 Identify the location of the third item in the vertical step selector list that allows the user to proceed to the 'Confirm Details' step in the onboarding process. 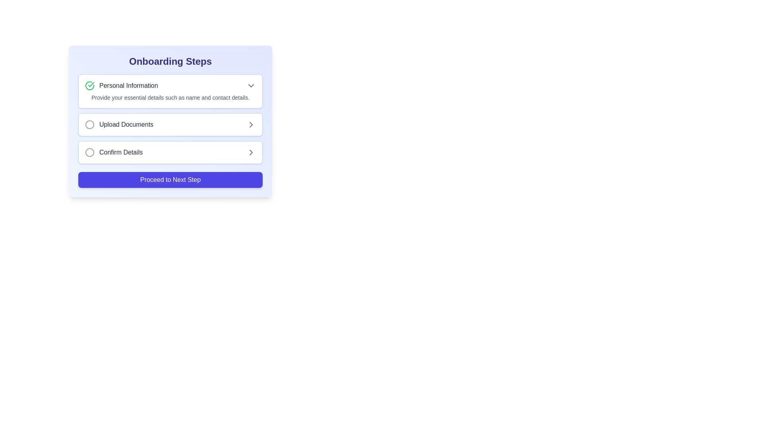
(170, 153).